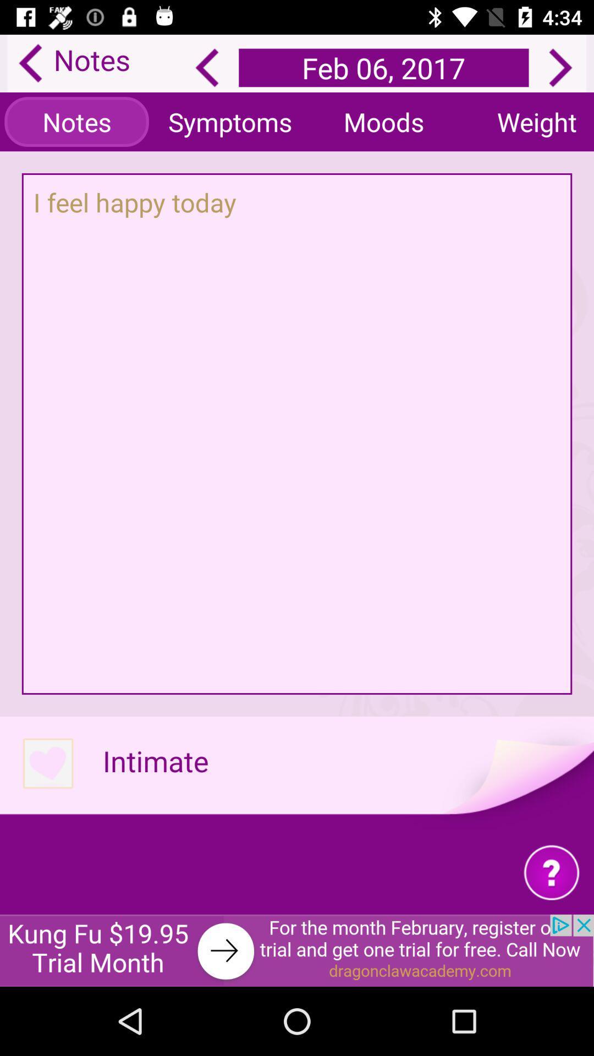 This screenshot has height=1056, width=594. Describe the element at coordinates (560, 67) in the screenshot. I see `move to next day` at that location.